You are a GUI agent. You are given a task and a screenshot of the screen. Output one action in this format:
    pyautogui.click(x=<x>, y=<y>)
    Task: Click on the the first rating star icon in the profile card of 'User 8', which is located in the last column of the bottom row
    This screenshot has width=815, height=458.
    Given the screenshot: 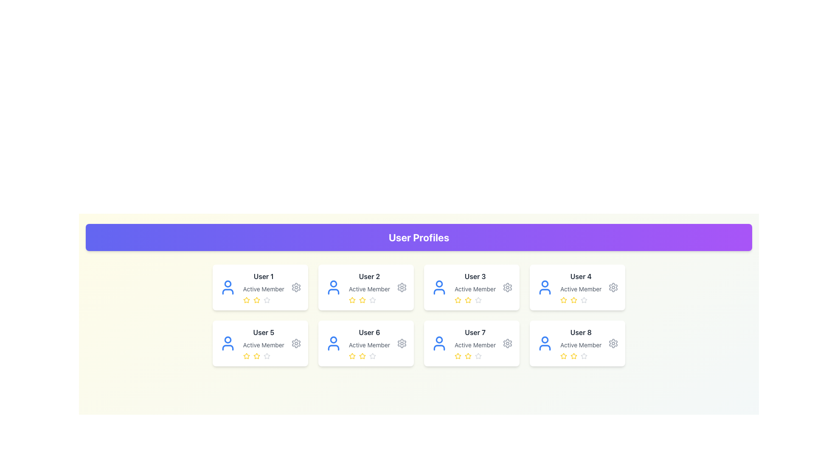 What is the action you would take?
    pyautogui.click(x=564, y=356)
    